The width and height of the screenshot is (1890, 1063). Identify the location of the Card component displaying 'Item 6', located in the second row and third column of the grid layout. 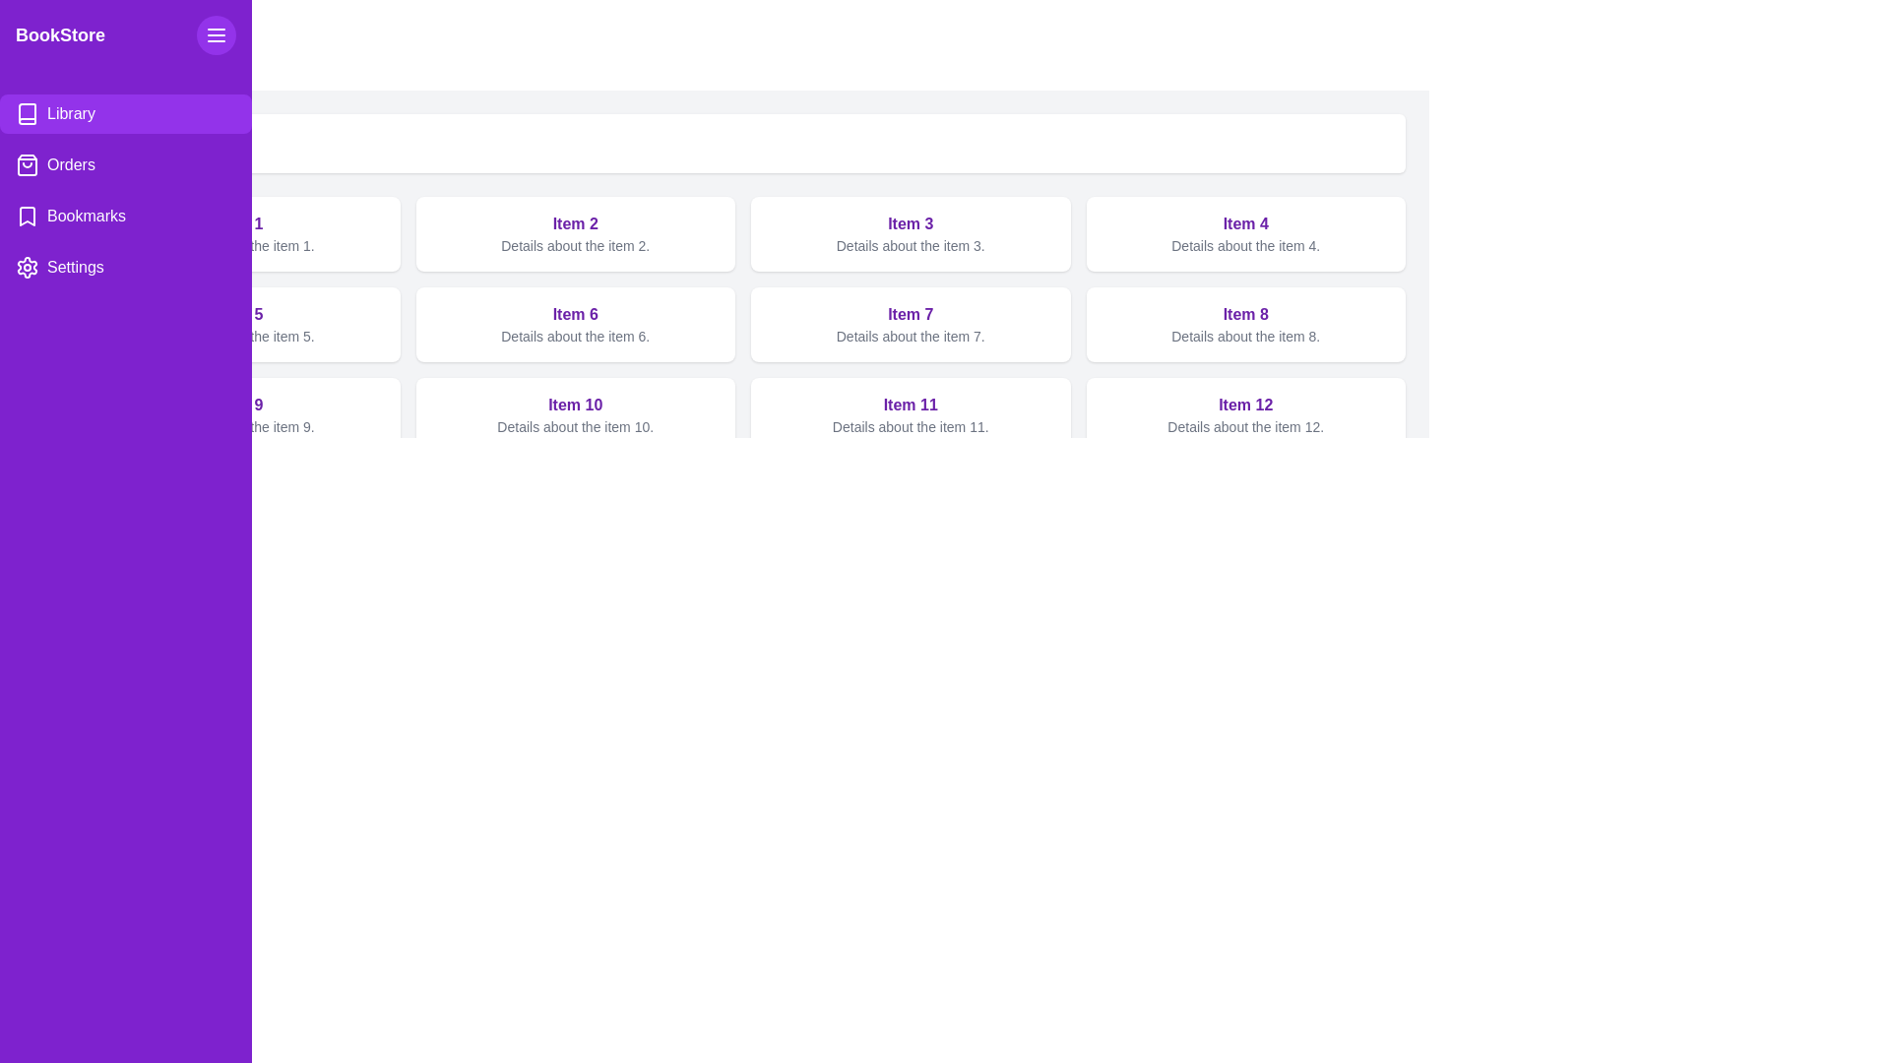
(574, 324).